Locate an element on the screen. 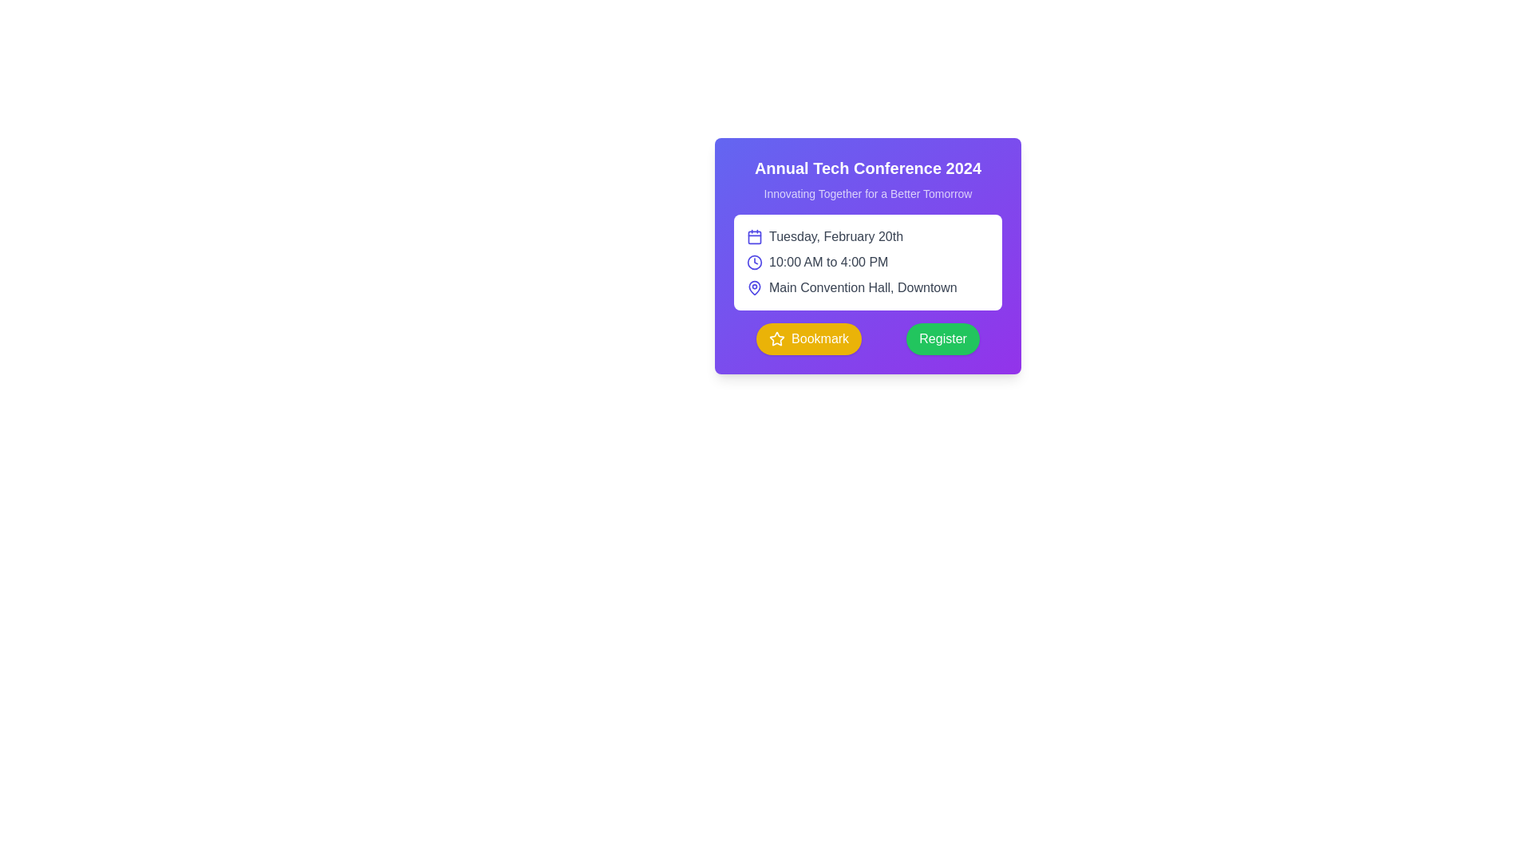  the map pin icon that serves as a location indicator for 'Main Convention Hall, Downtown' by interacting with its center point is located at coordinates (753, 286).